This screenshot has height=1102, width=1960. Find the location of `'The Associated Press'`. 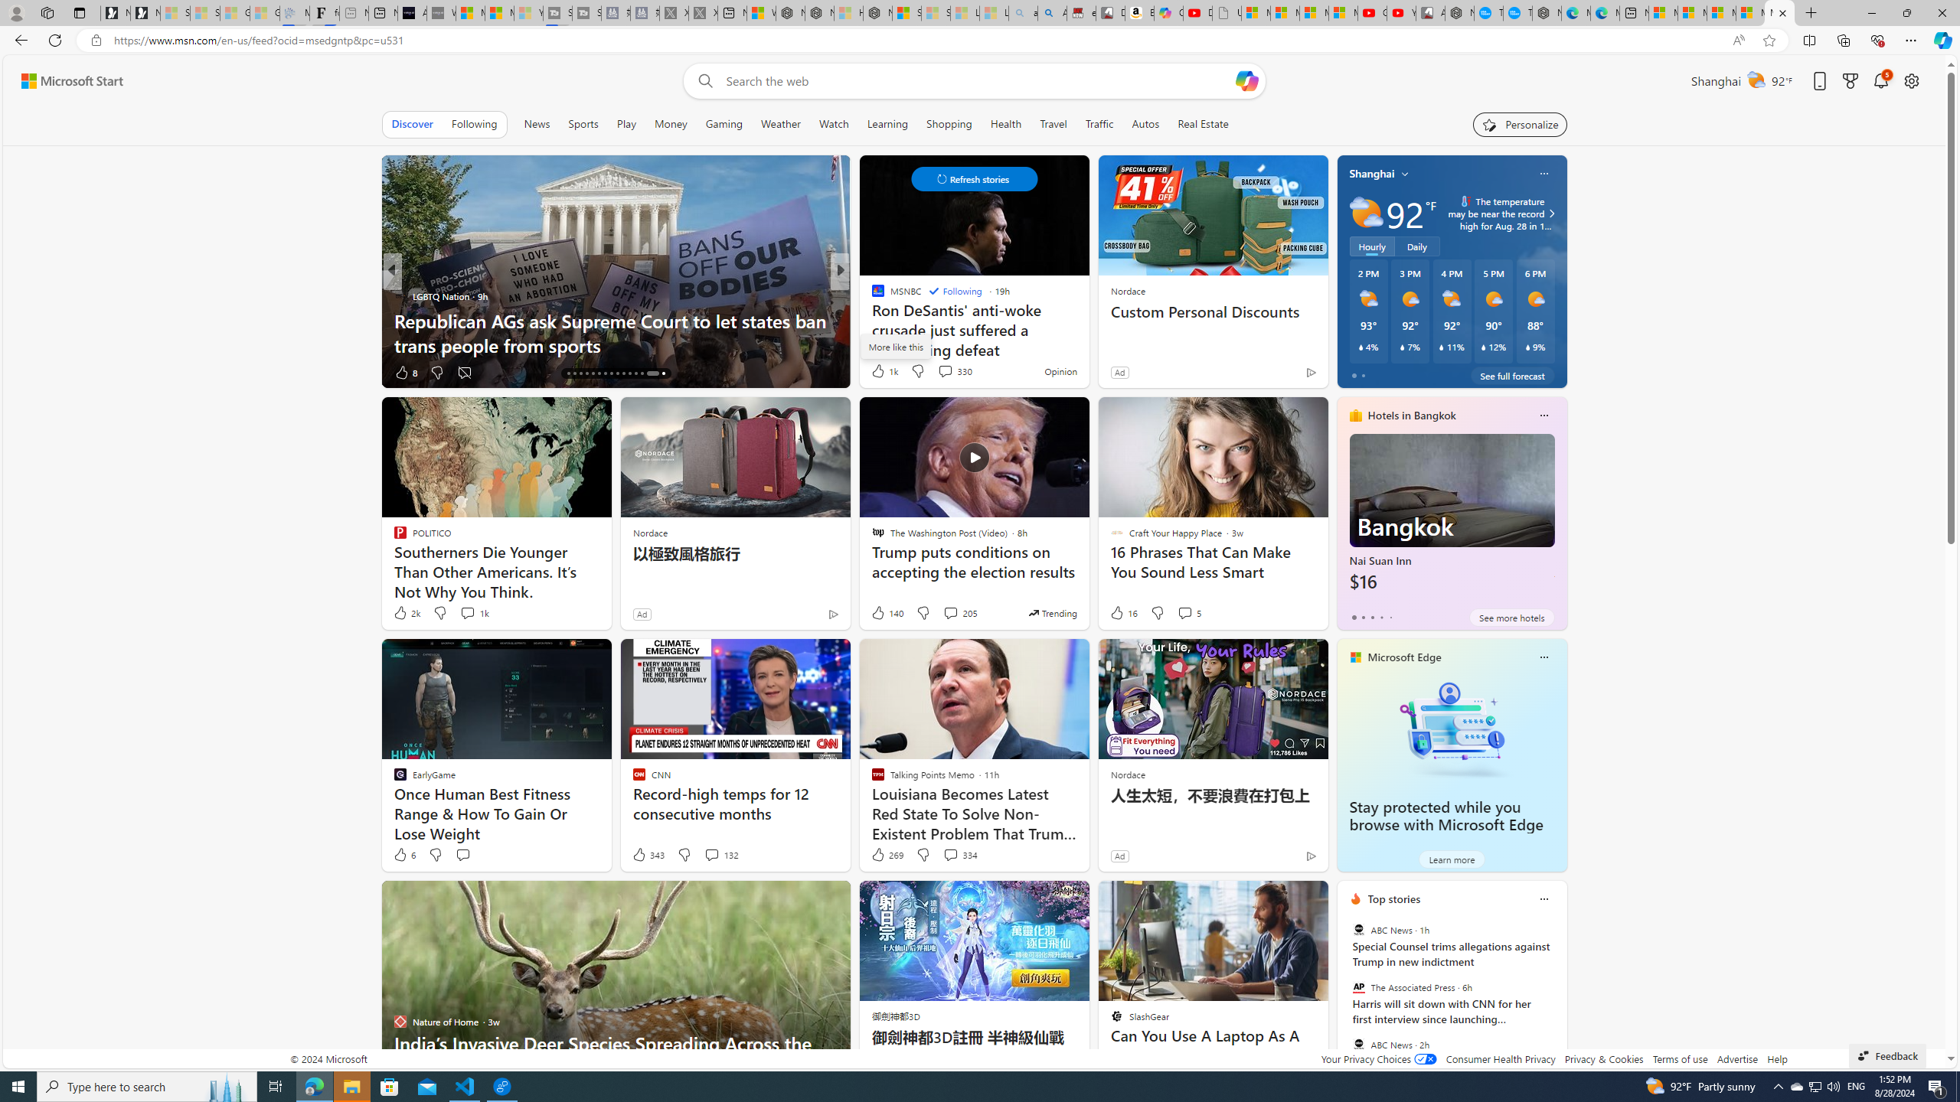

'The Associated Press' is located at coordinates (1357, 987).